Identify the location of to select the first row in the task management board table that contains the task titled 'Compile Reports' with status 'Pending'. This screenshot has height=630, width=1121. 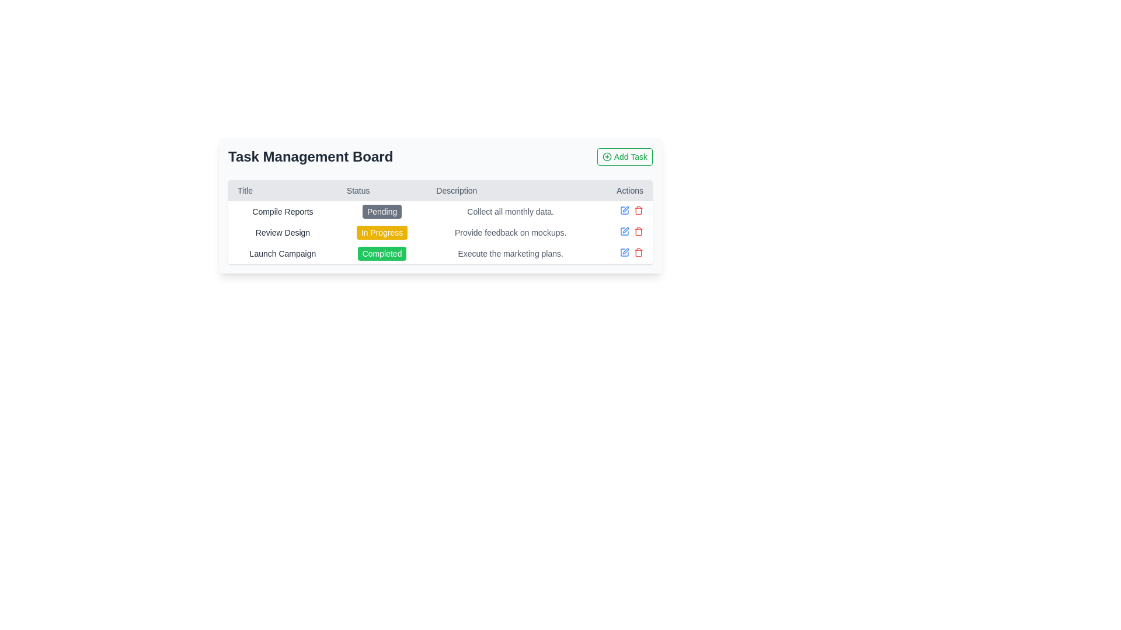
(440, 211).